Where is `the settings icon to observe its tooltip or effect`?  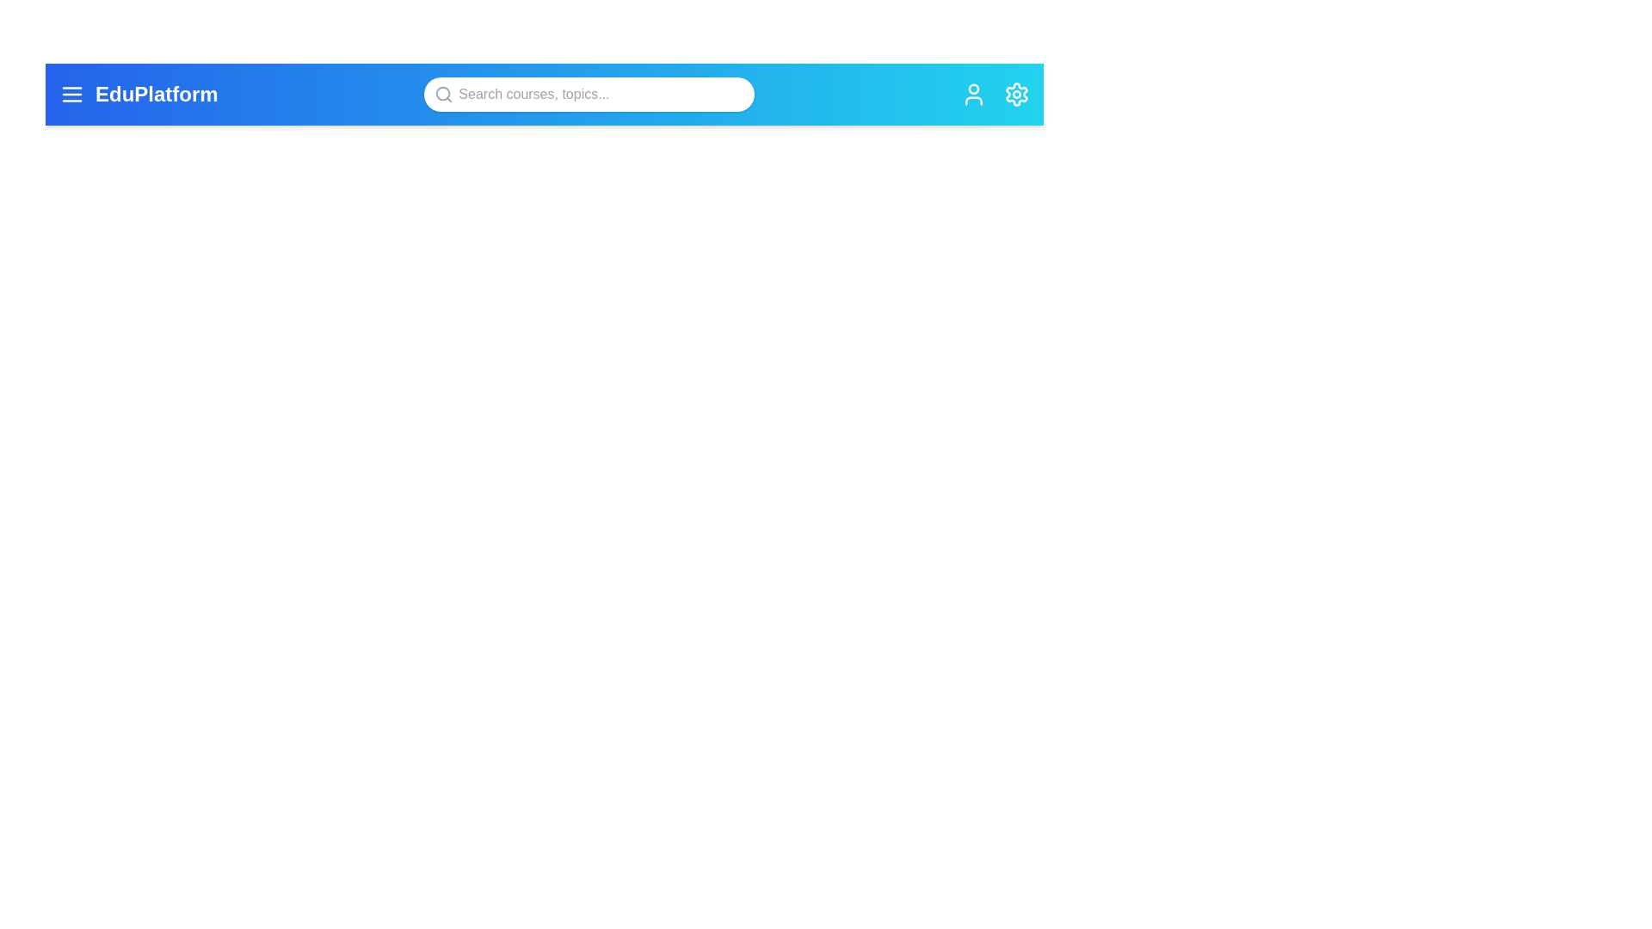
the settings icon to observe its tooltip or effect is located at coordinates (1016, 95).